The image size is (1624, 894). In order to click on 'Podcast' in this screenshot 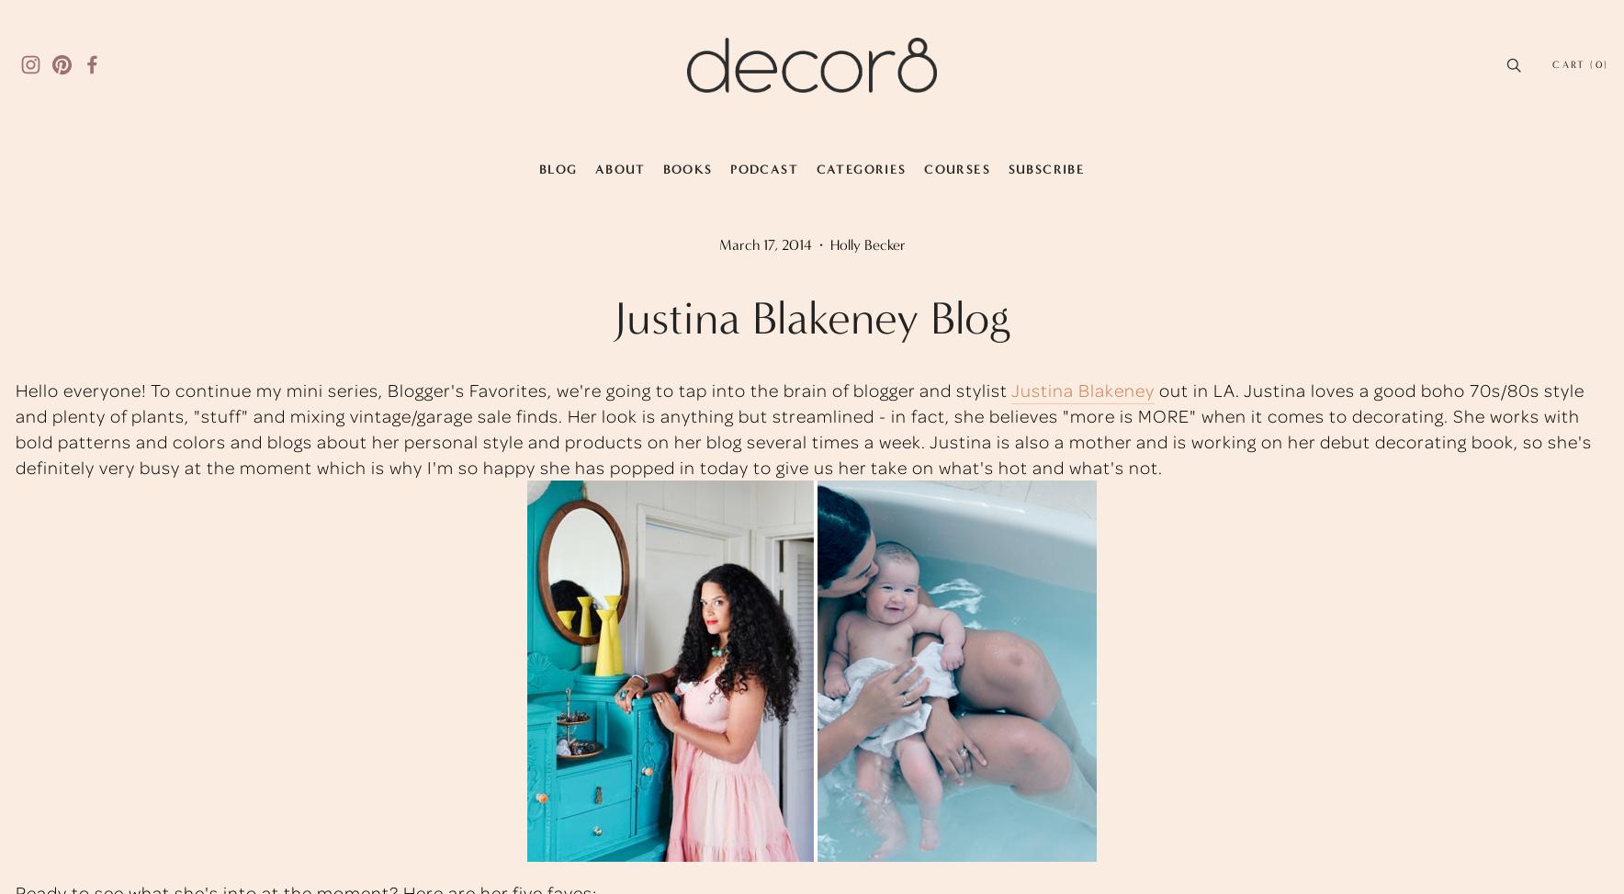, I will do `click(764, 168)`.